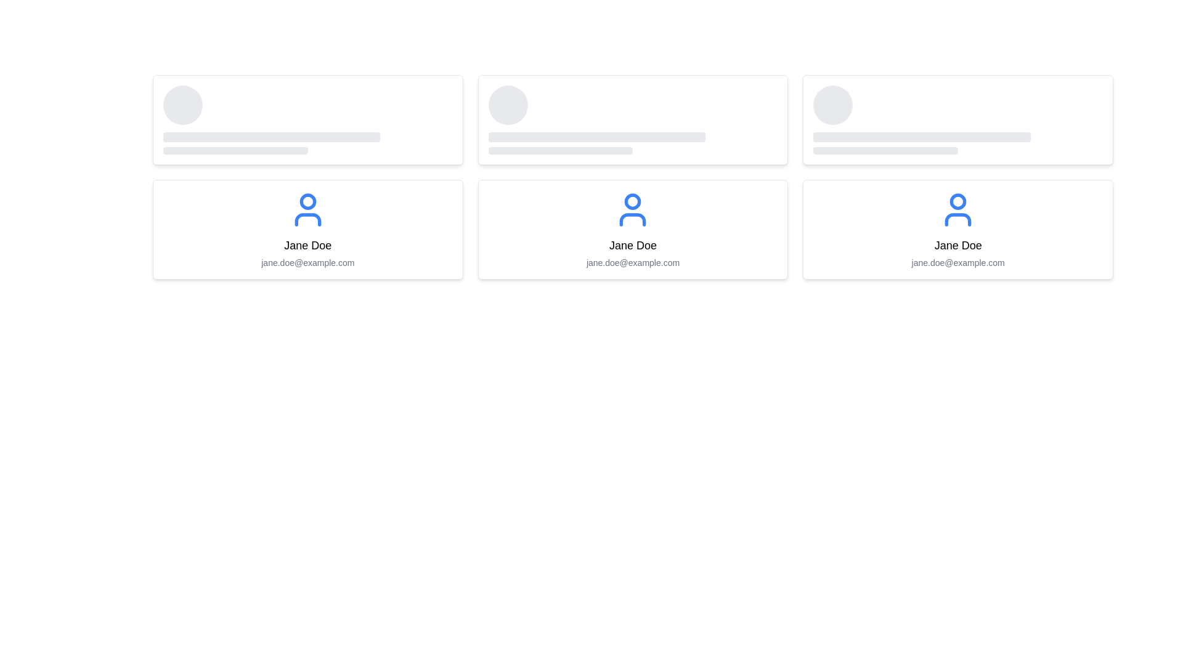 The image size is (1183, 665). Describe the element at coordinates (633, 209) in the screenshot. I see `the user profile icon, which is an outlined person figure with a blue color, located in the center of a grid card displaying 'Jane Doe' and 'jane.doe@example.com'` at that location.